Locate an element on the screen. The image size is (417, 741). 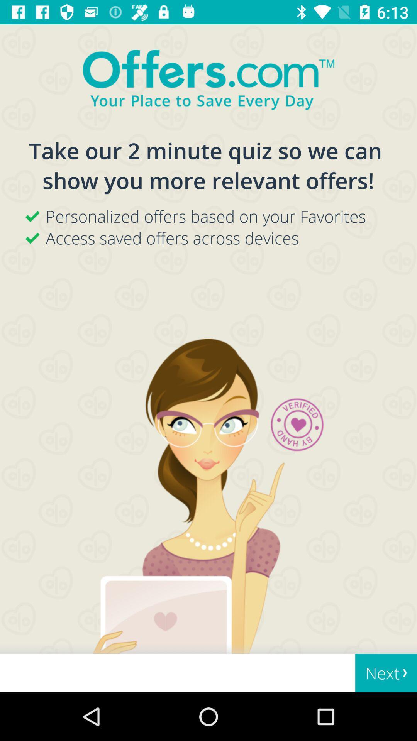
next at the bottom right corner is located at coordinates (386, 673).